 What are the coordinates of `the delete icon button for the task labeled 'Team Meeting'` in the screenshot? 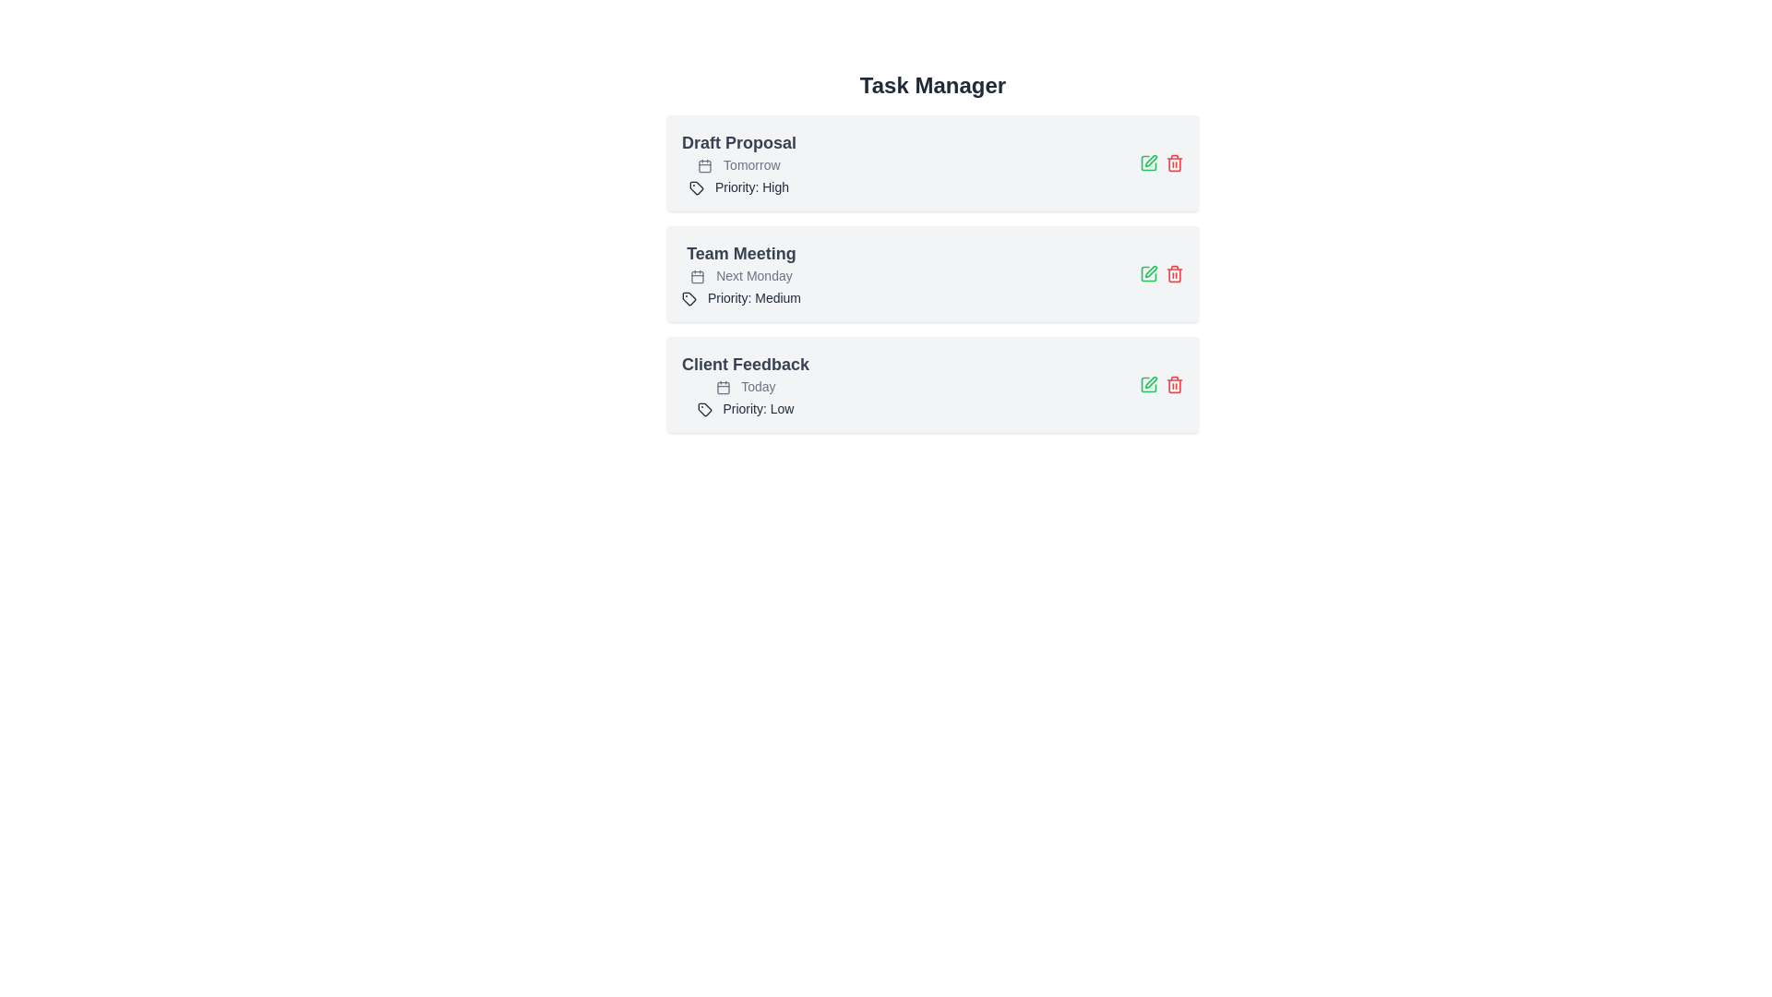 It's located at (1173, 274).